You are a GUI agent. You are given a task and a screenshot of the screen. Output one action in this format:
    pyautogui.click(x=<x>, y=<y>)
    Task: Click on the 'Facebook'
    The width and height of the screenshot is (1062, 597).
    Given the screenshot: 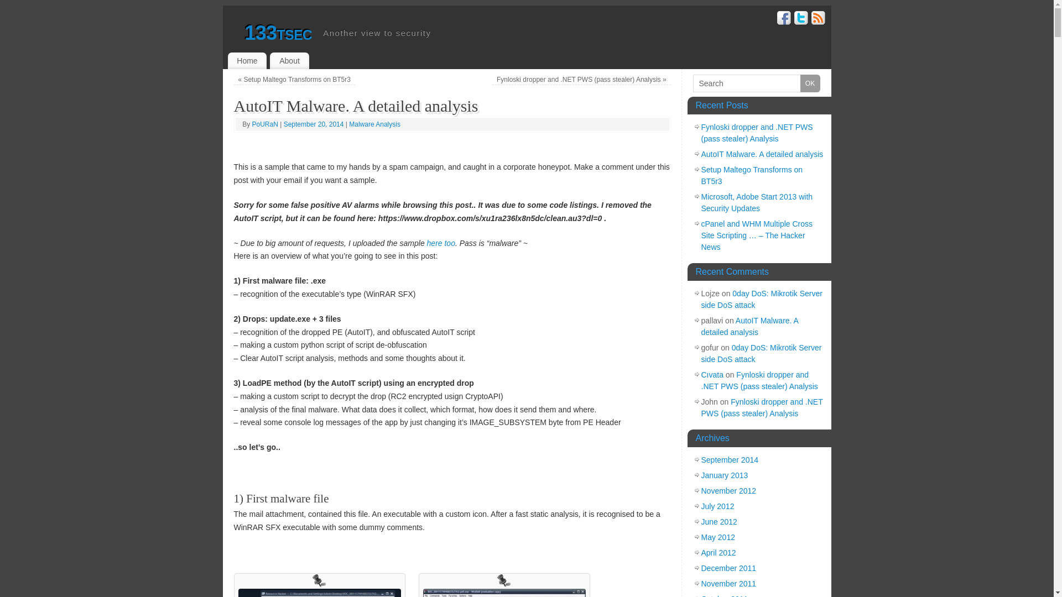 What is the action you would take?
    pyautogui.click(x=783, y=19)
    